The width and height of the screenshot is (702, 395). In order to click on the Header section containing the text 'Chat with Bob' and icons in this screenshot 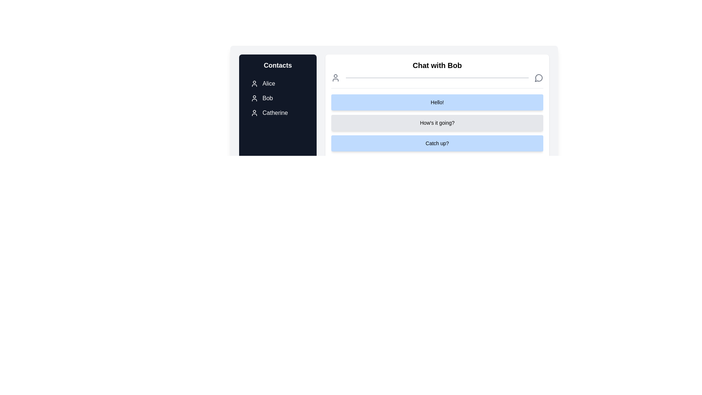, I will do `click(437, 74)`.